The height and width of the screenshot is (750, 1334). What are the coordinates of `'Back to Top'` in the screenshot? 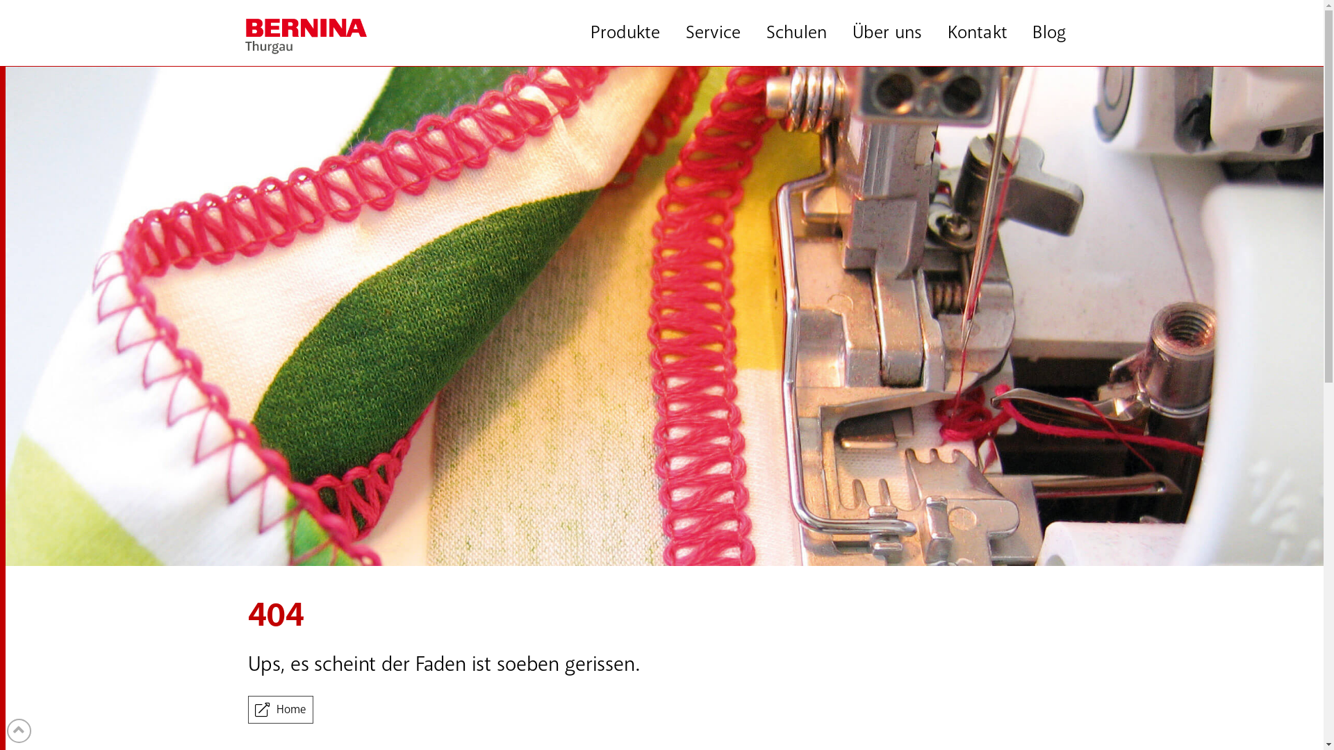 It's located at (6, 730).